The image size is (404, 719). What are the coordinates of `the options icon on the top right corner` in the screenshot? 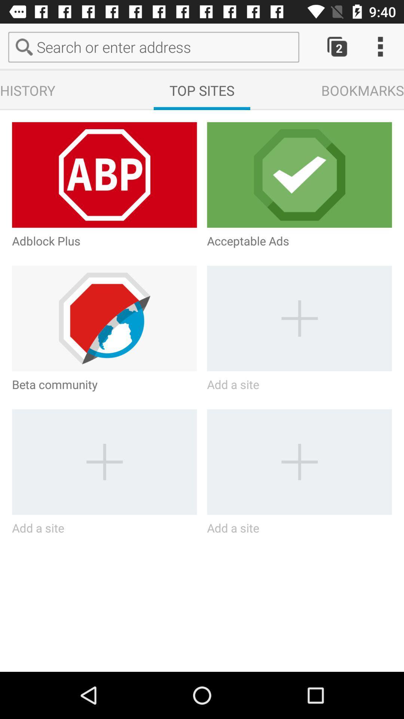 It's located at (380, 46).